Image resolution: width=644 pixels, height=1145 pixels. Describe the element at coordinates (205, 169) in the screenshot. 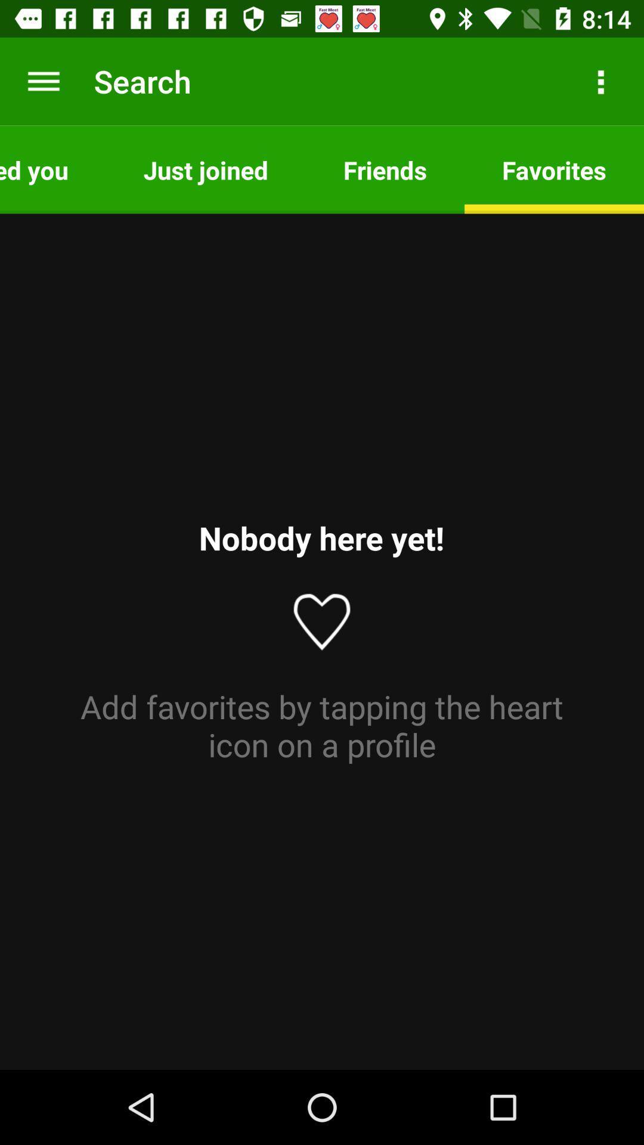

I see `the icon next to liked you app` at that location.